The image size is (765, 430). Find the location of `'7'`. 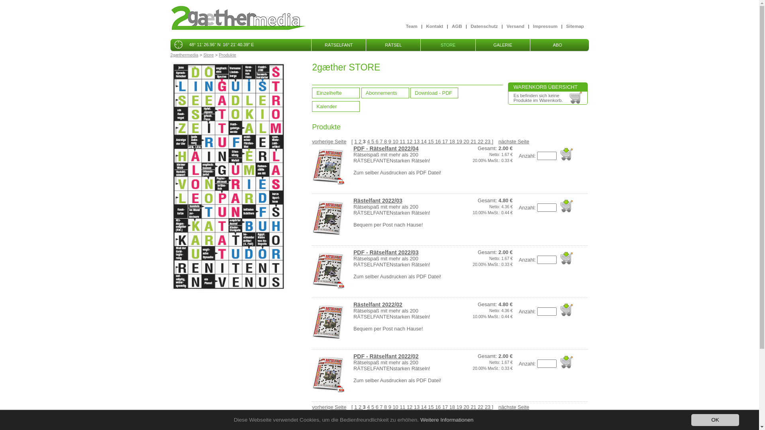

'7' is located at coordinates (379, 141).